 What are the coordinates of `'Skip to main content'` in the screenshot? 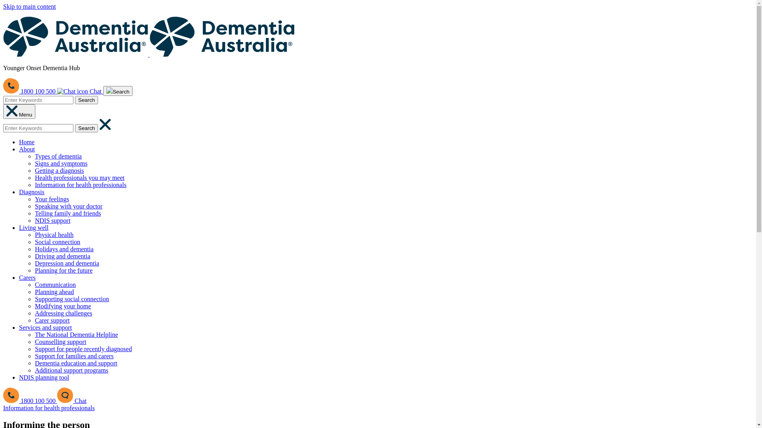 It's located at (29, 6).